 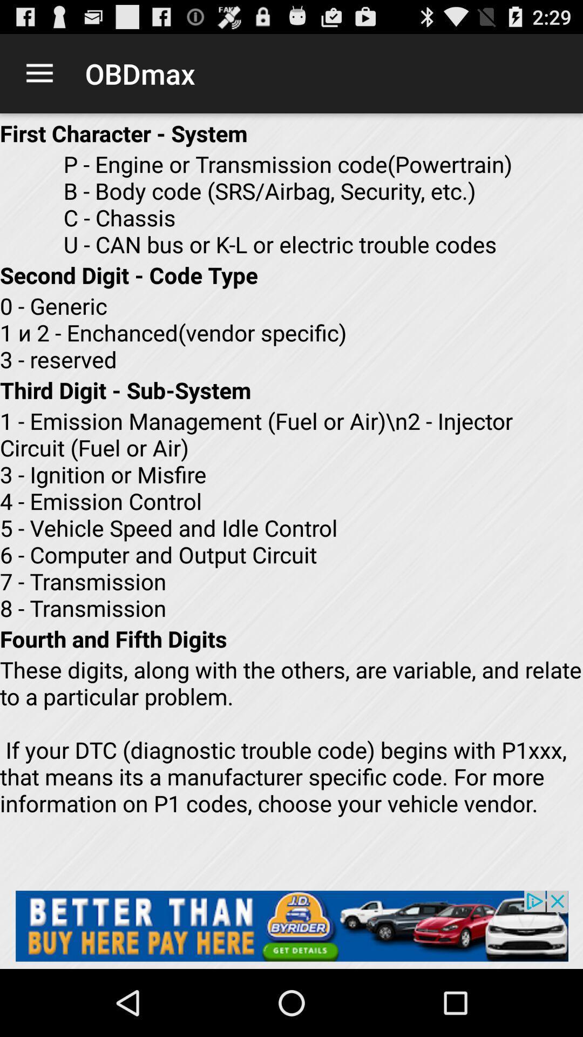 What do you see at coordinates (291, 925) in the screenshot?
I see `option` at bounding box center [291, 925].